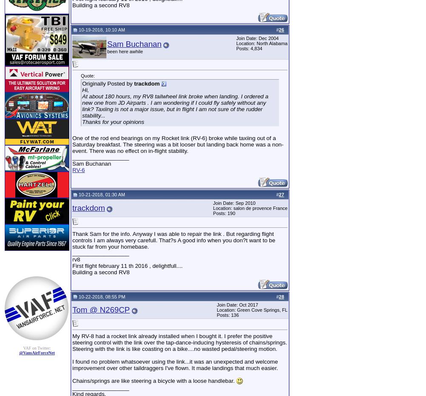 This screenshot has width=426, height=396. I want to click on 'Tom @ N269CP', so click(100, 310).